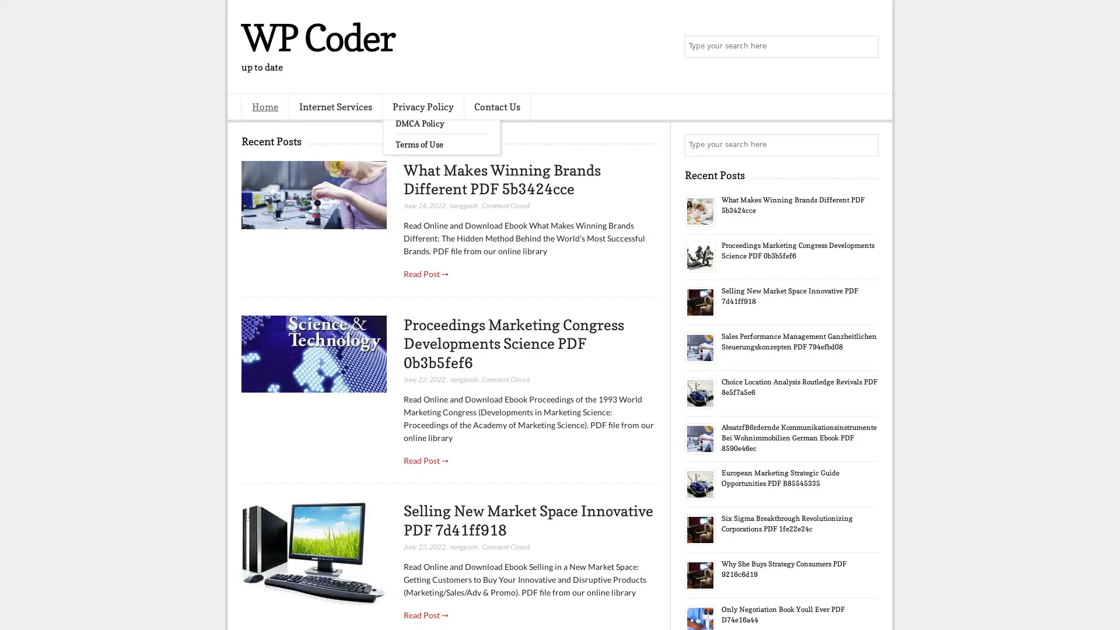 This screenshot has width=1120, height=630. What do you see at coordinates (866, 145) in the screenshot?
I see `Search` at bounding box center [866, 145].